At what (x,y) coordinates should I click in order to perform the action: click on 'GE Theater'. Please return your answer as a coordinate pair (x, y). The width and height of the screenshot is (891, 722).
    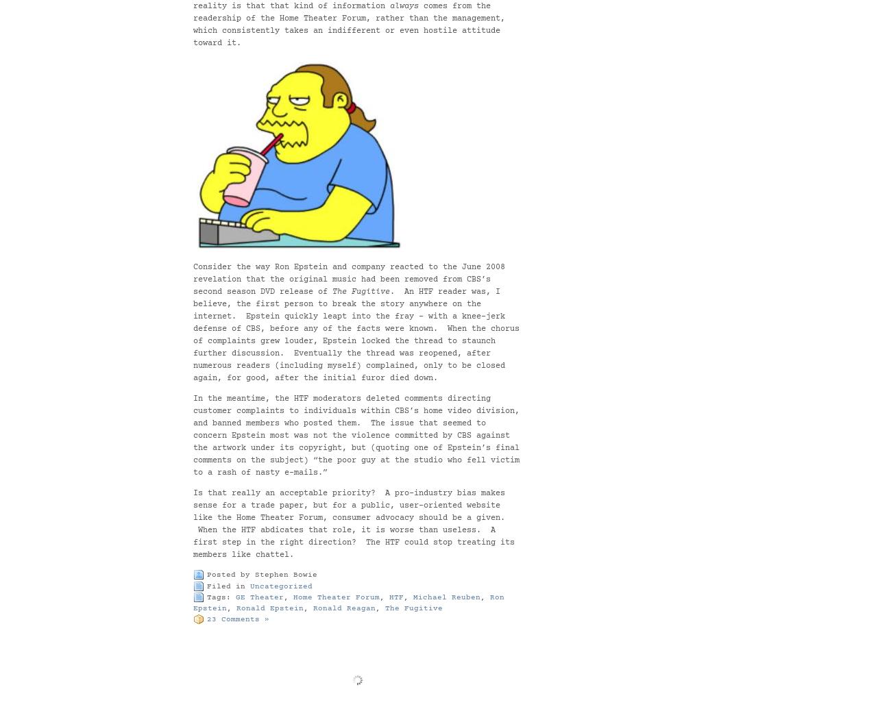
    Looking at the image, I should click on (258, 597).